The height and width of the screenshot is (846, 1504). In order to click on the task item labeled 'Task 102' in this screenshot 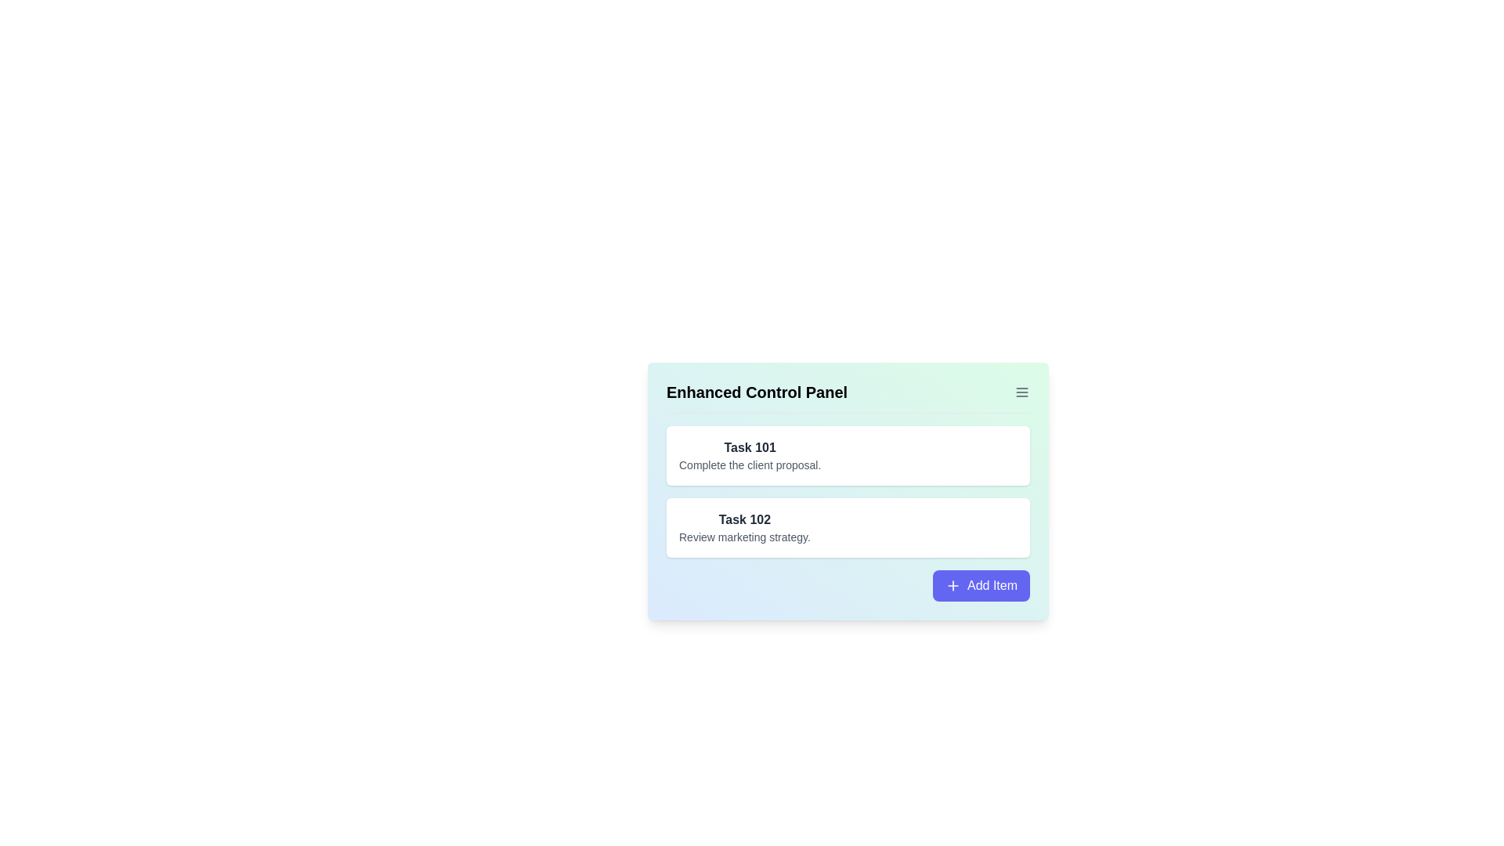, I will do `click(743, 528)`.